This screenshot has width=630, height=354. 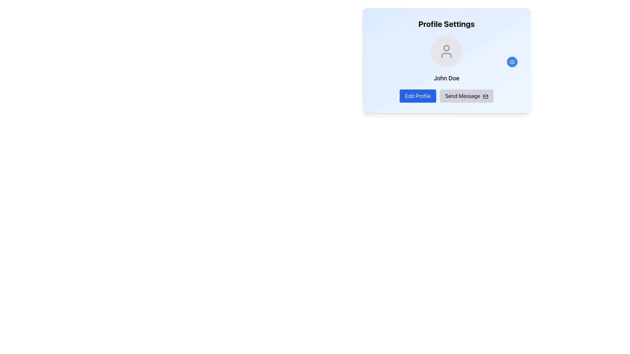 What do you see at coordinates (512, 62) in the screenshot?
I see `the blue circular button that contains the camera icon located at the bottom-right of the profile settings card` at bounding box center [512, 62].